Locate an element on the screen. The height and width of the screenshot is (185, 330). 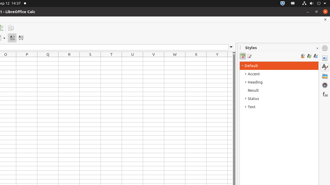
'Text direction from left to right' is located at coordinates (12, 38).